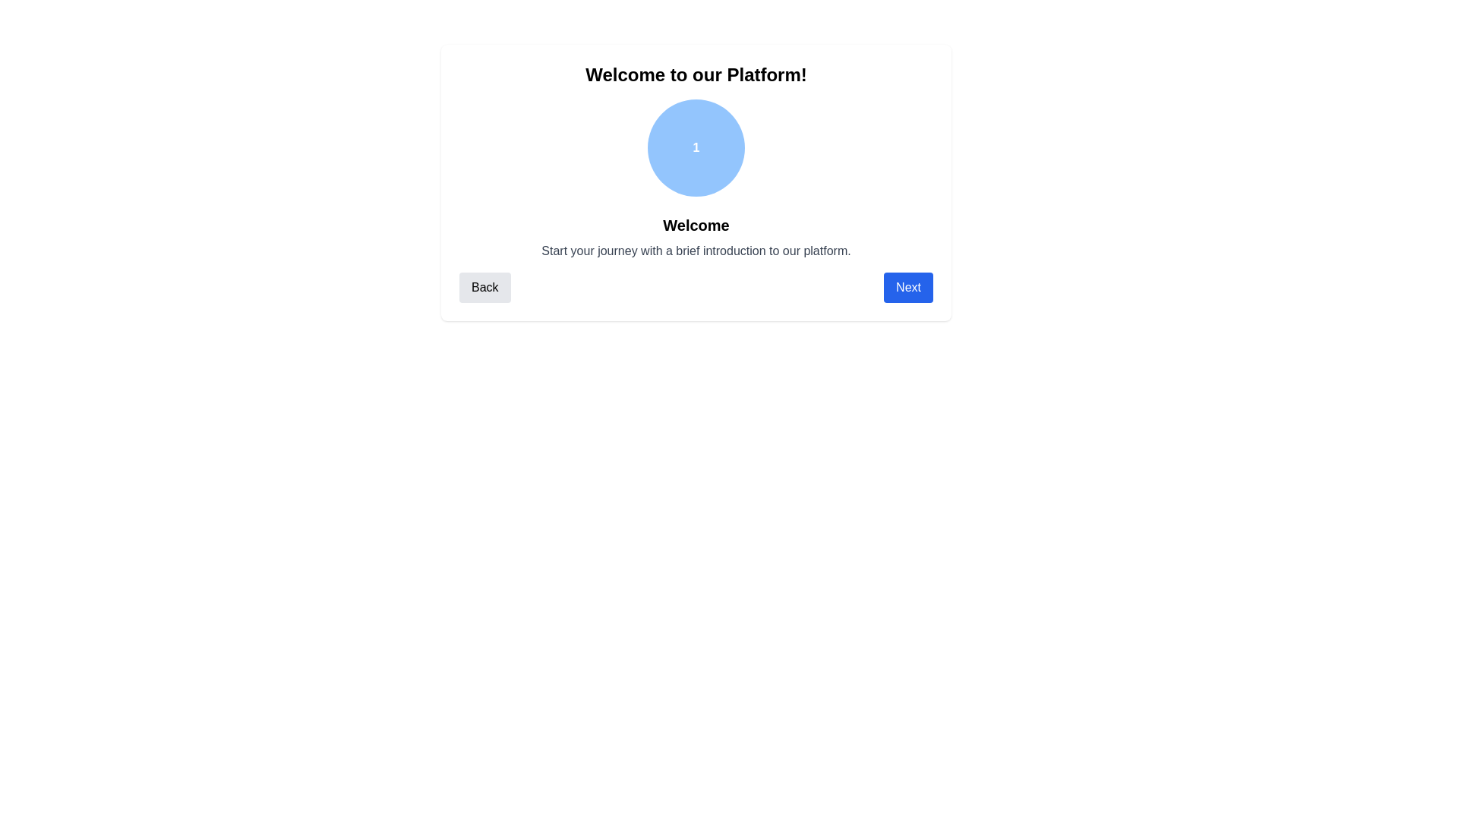 The width and height of the screenshot is (1458, 820). I want to click on the 'Back' button to navigate to the previous step, so click(484, 287).